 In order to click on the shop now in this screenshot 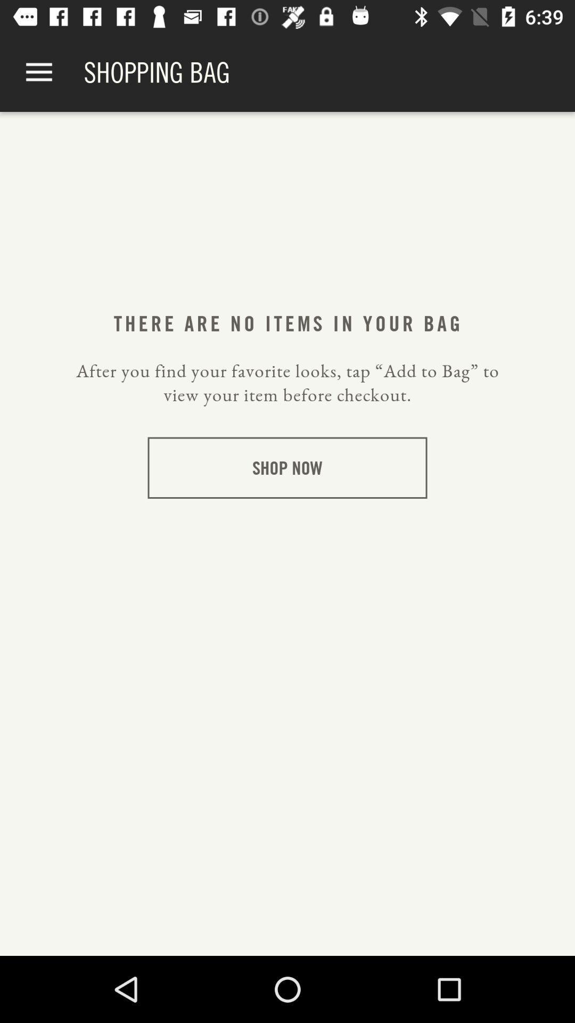, I will do `click(287, 468)`.